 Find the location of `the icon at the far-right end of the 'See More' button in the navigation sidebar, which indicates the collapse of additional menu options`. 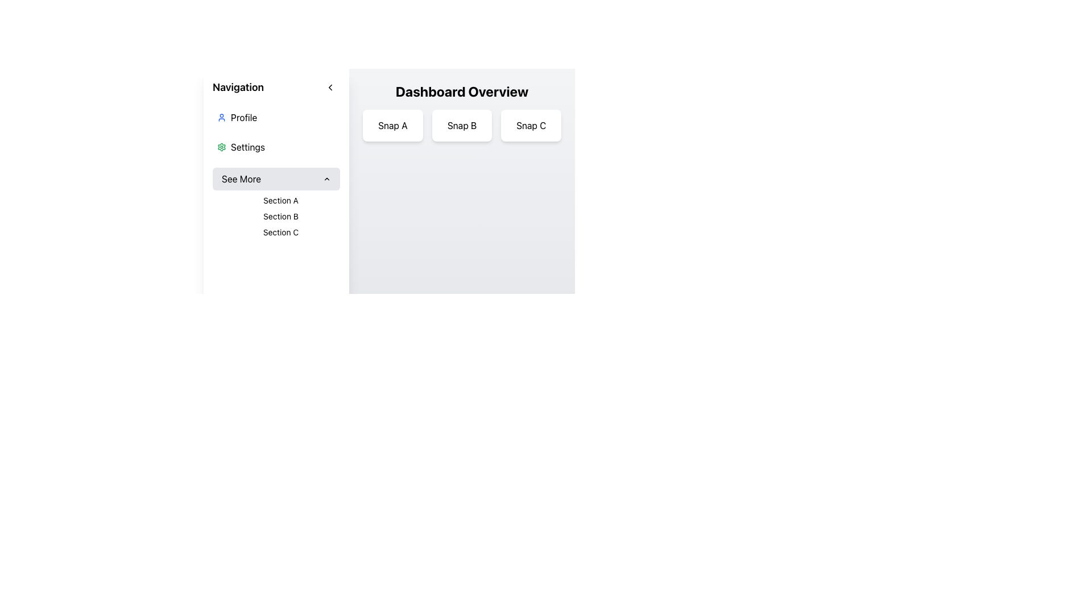

the icon at the far-right end of the 'See More' button in the navigation sidebar, which indicates the collapse of additional menu options is located at coordinates (326, 179).